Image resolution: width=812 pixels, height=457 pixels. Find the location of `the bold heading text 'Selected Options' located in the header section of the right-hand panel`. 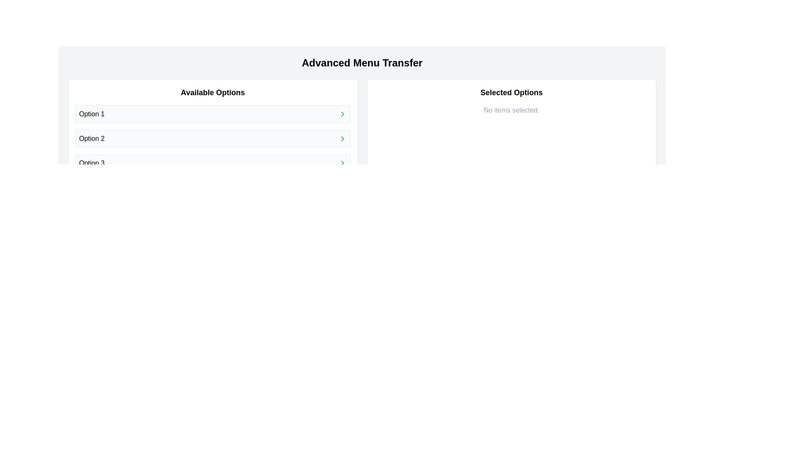

the bold heading text 'Selected Options' located in the header section of the right-hand panel is located at coordinates (511, 93).